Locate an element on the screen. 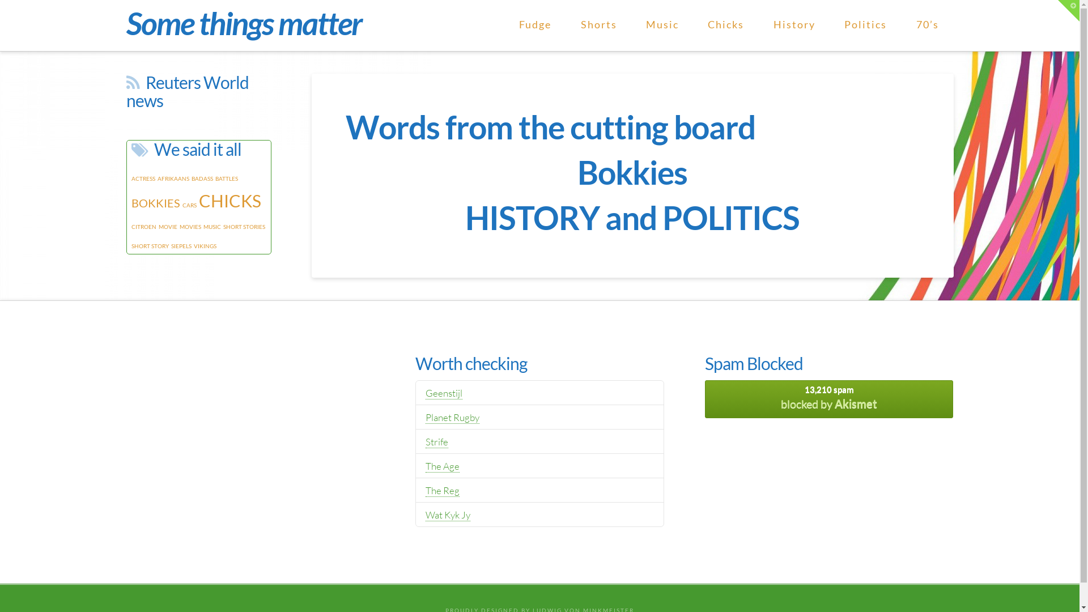 Image resolution: width=1088 pixels, height=612 pixels. 'Politics' is located at coordinates (865, 25).